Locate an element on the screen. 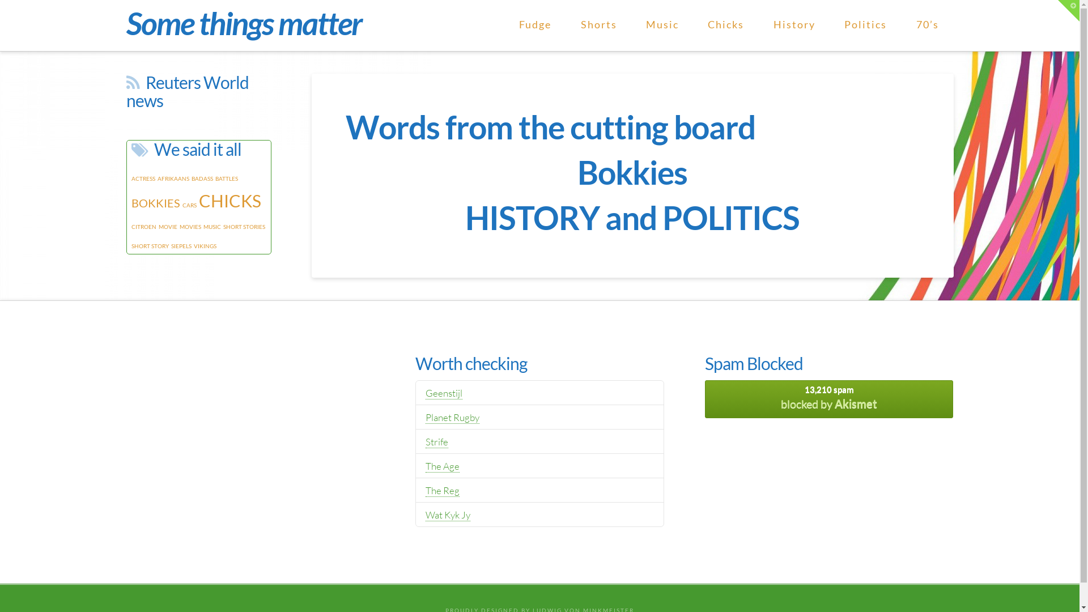 Image resolution: width=1088 pixels, height=612 pixels. 'Politics' is located at coordinates (865, 25).